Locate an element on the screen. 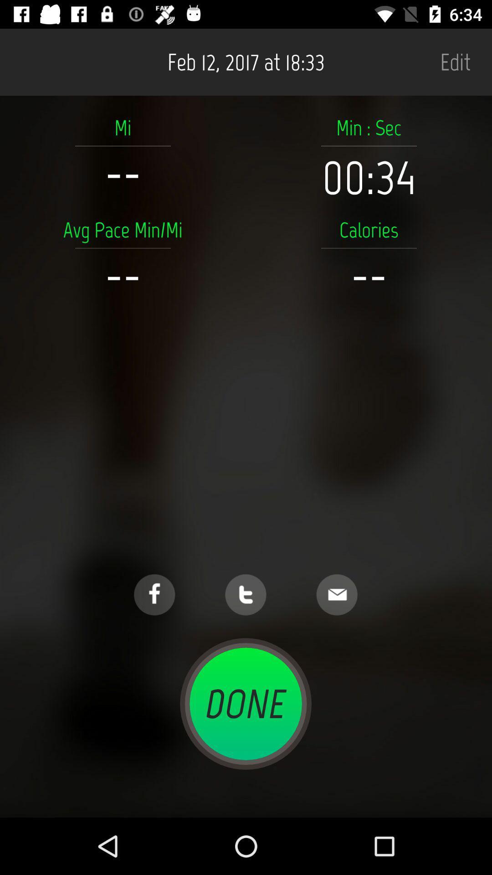 The image size is (492, 875). the email icon is located at coordinates (337, 595).